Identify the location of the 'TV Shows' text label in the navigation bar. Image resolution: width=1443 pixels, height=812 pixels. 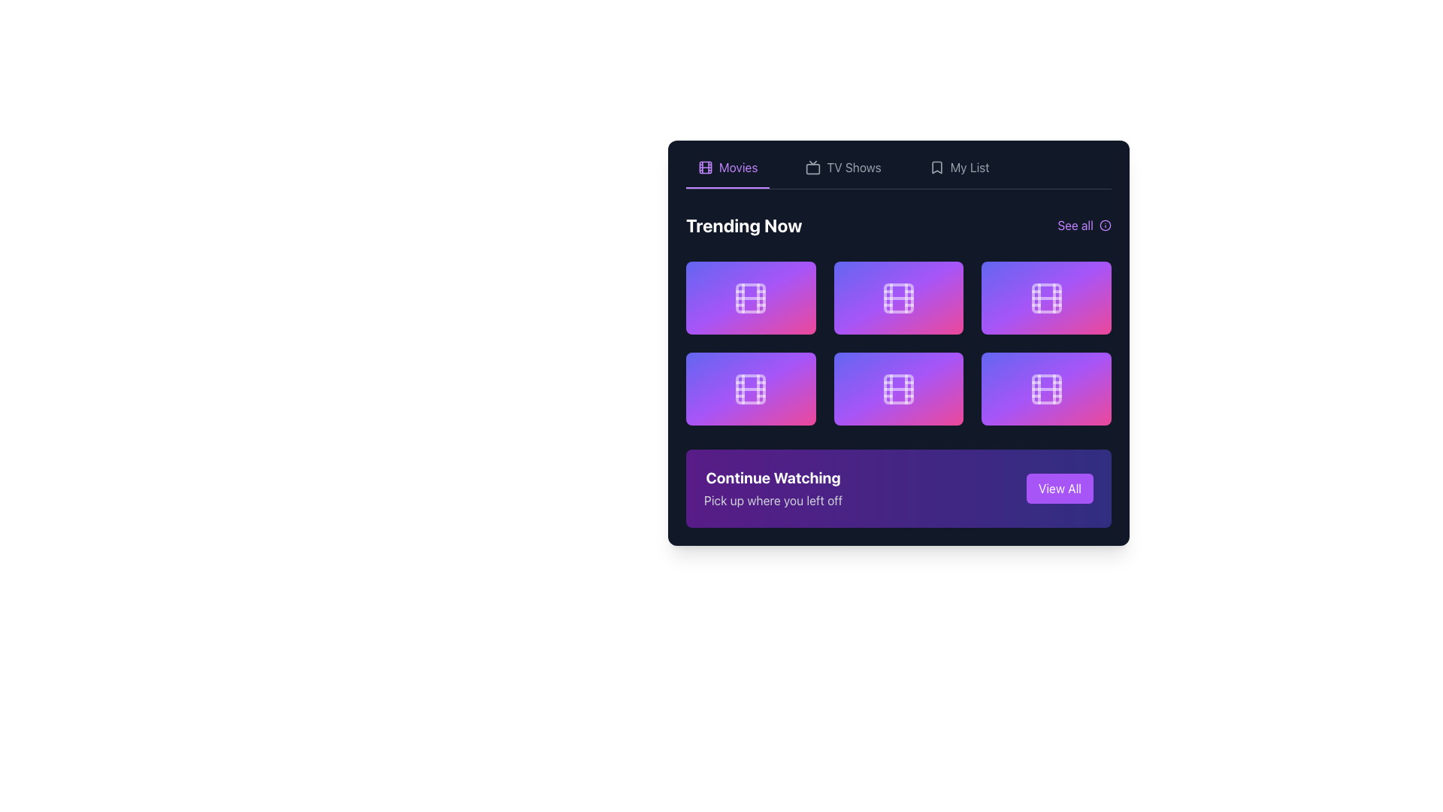
(854, 168).